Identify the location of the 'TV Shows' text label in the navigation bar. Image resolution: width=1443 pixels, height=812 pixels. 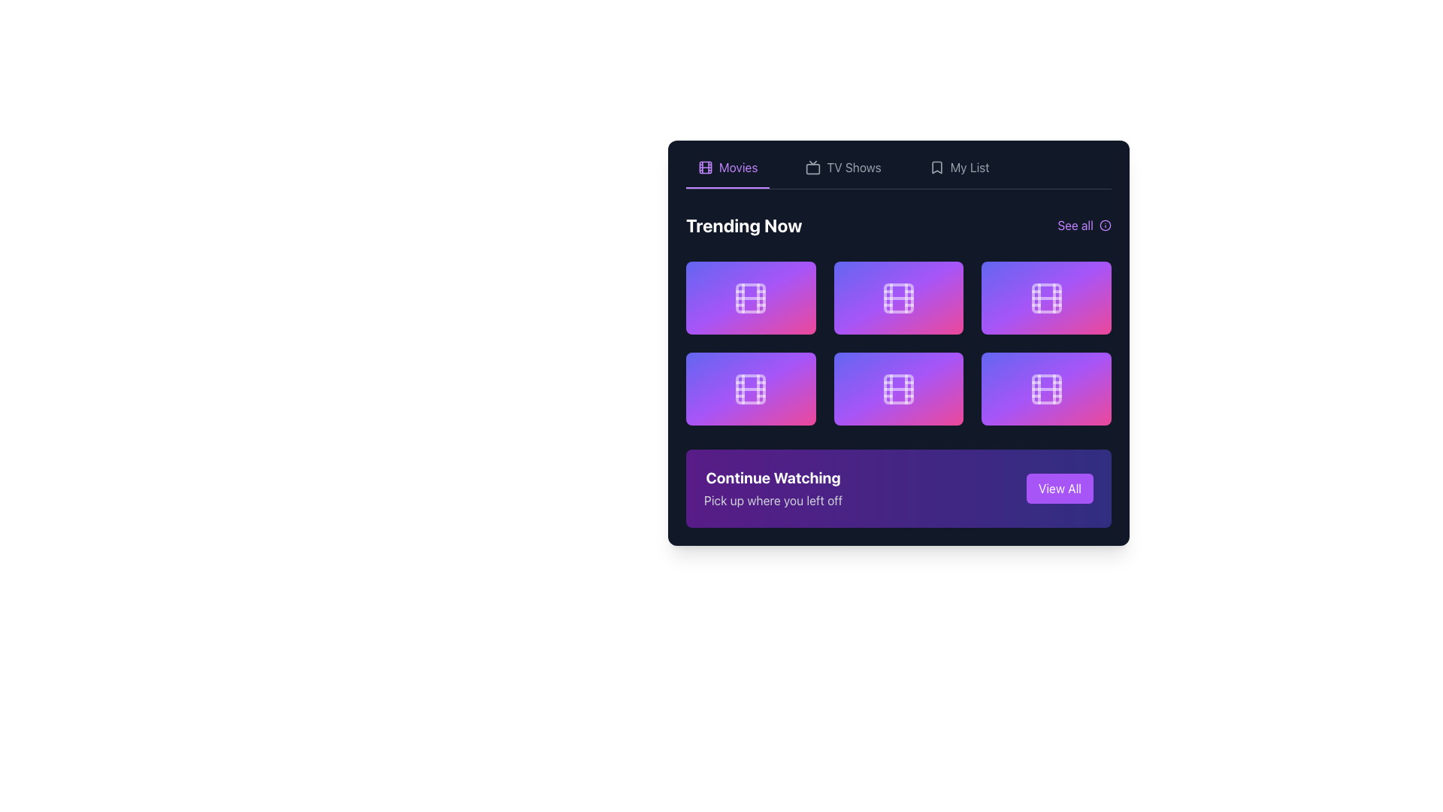
(854, 168).